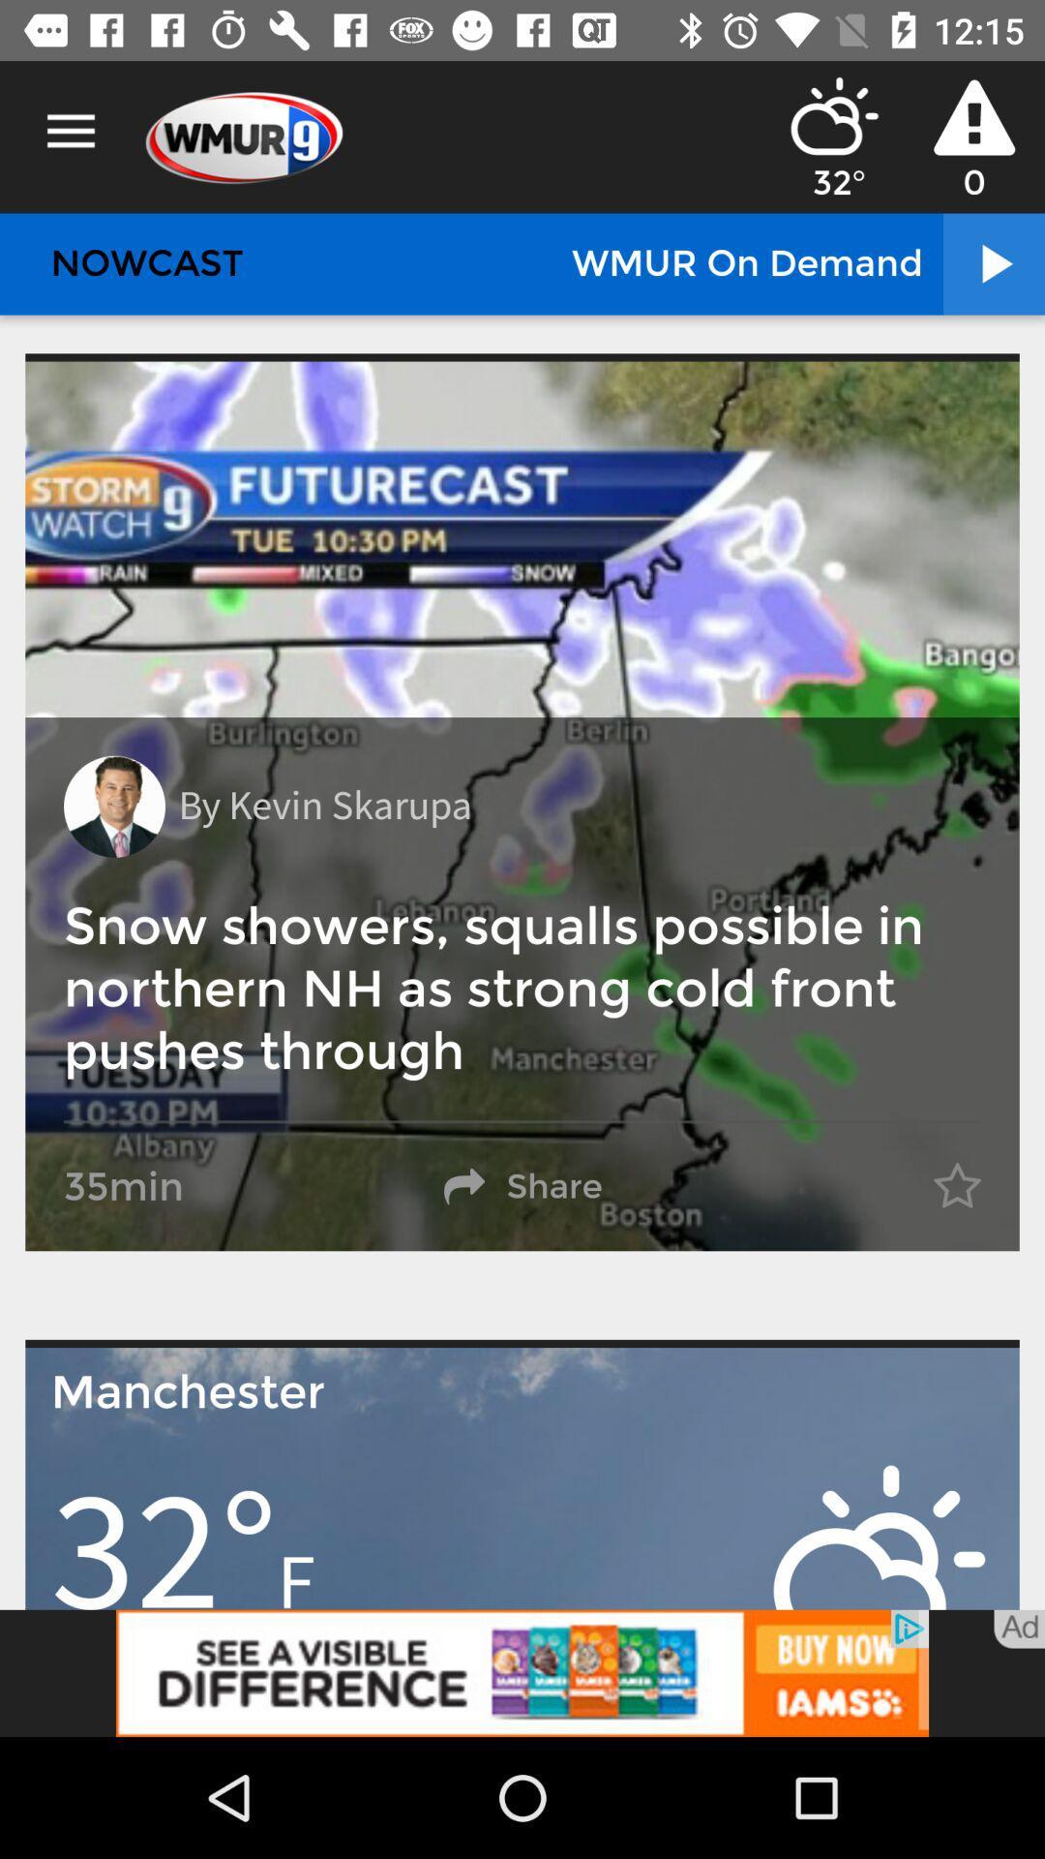 This screenshot has height=1859, width=1045. Describe the element at coordinates (522, 1672) in the screenshot. I see `advertisement` at that location.